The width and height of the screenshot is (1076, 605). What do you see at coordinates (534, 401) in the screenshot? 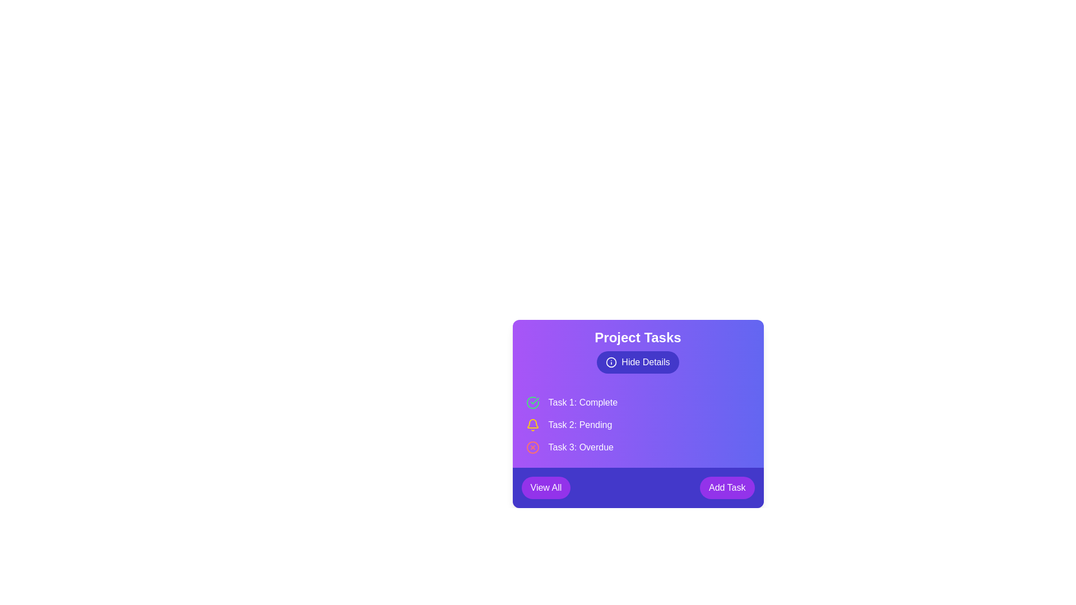
I see `the circular checkmark icon indicating that 'Task 1: Complete' has been successfully processed` at bounding box center [534, 401].